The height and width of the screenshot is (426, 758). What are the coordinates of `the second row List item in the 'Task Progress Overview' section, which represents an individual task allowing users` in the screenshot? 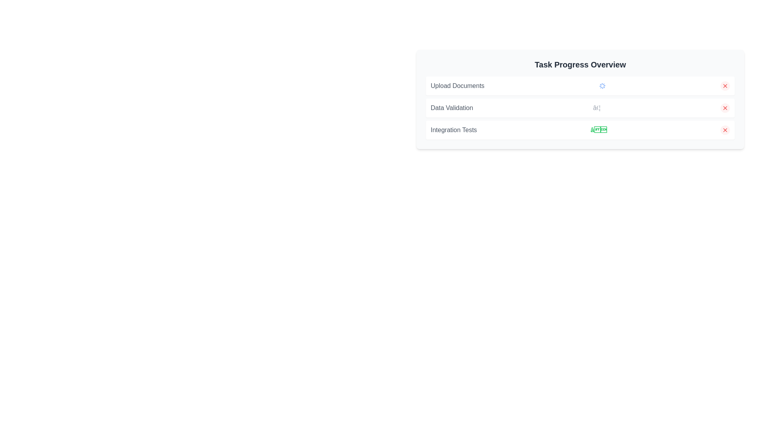 It's located at (580, 108).